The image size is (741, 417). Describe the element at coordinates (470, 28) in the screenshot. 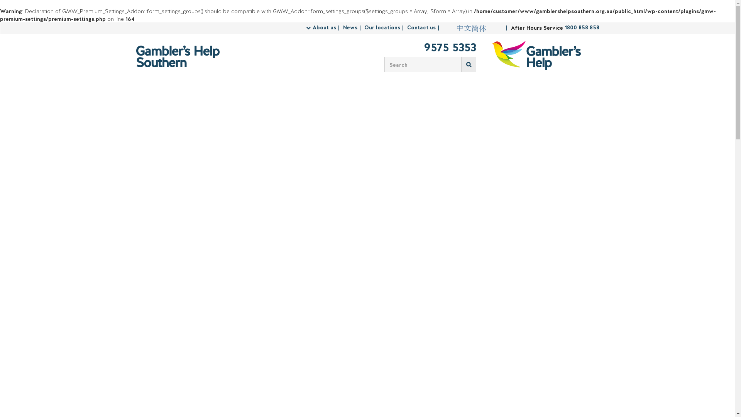

I see `'Help in other languages'` at that location.